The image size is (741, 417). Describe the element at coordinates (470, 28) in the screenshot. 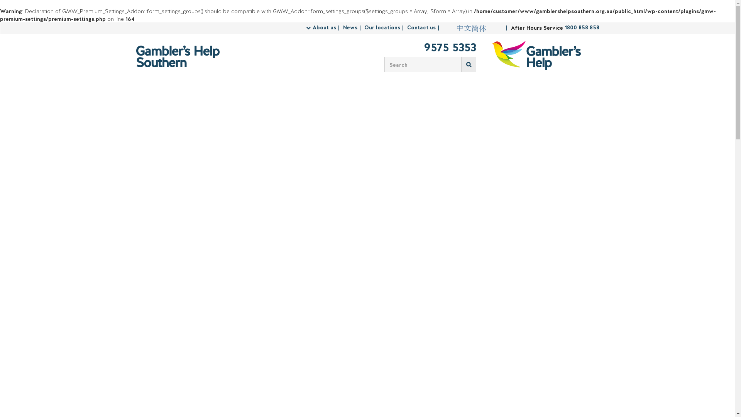

I see `'Help in other languages'` at that location.